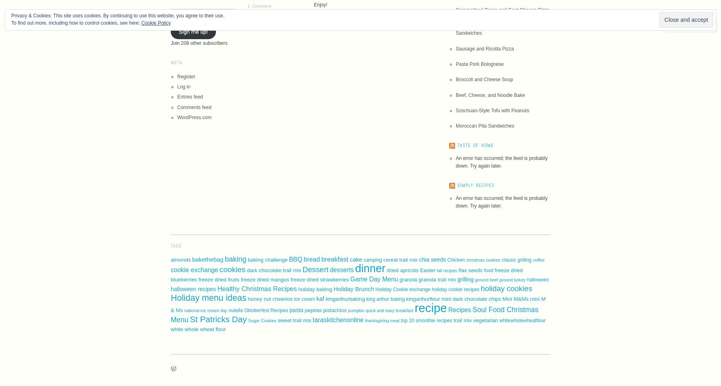 The height and width of the screenshot is (386, 721). What do you see at coordinates (688, 24) in the screenshot?
I see `'Follow'` at bounding box center [688, 24].